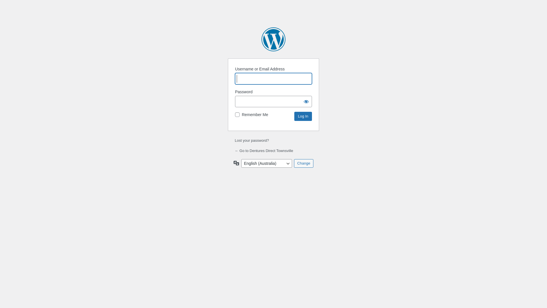 This screenshot has height=308, width=547. What do you see at coordinates (303, 116) in the screenshot?
I see `'Log In'` at bounding box center [303, 116].